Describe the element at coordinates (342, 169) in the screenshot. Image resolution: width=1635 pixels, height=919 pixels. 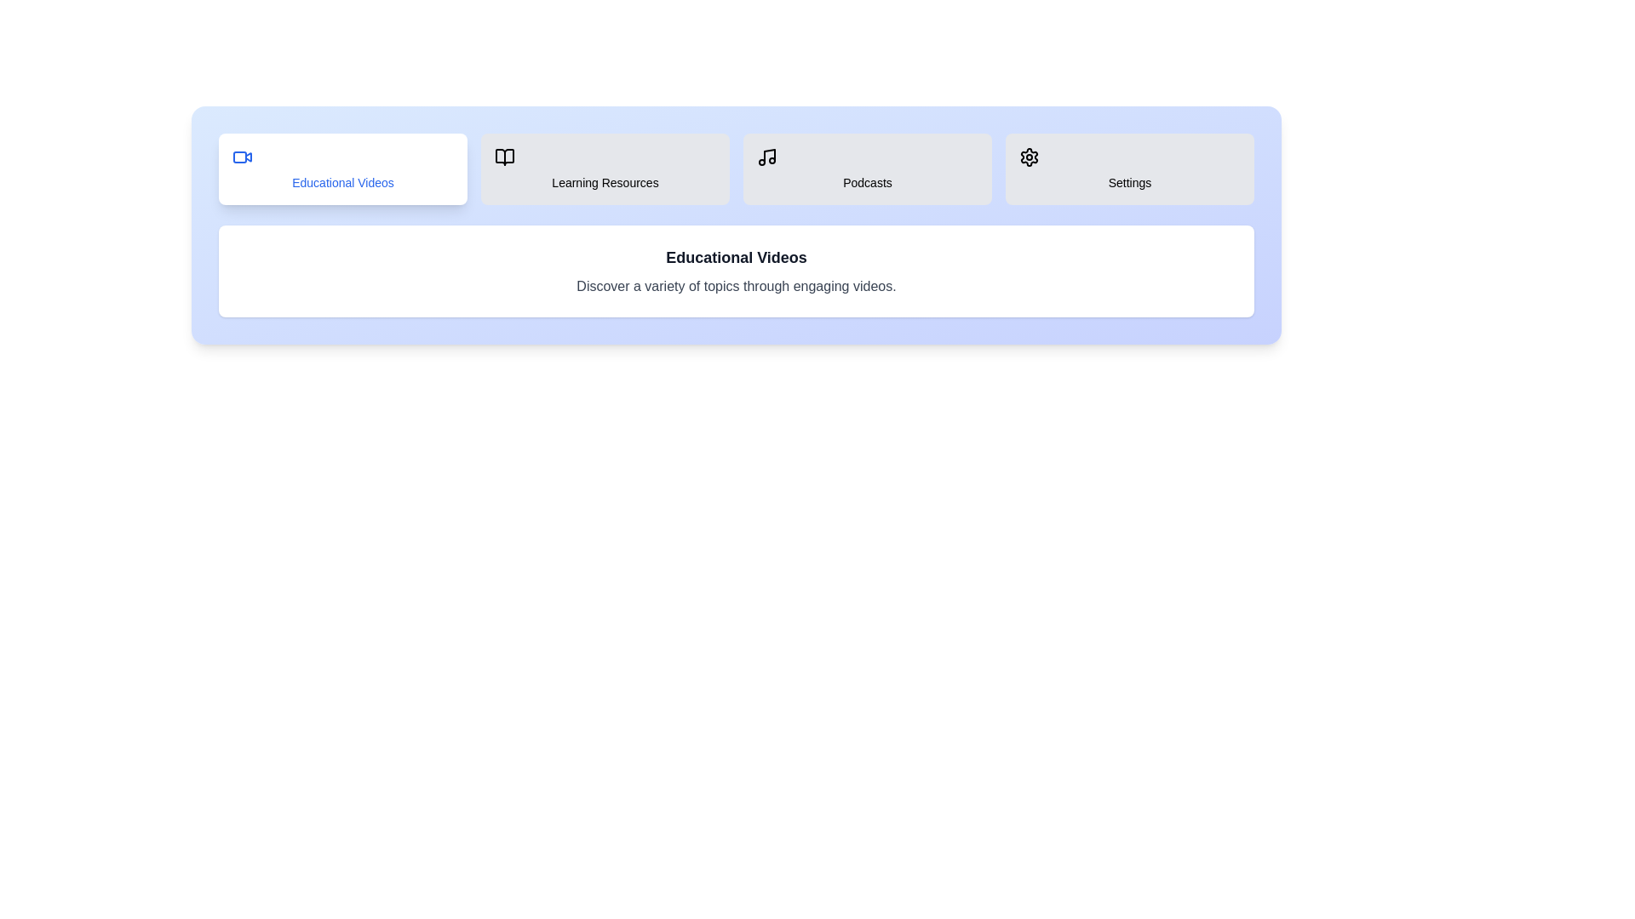
I see `the Educational Videos tab to switch views` at that location.